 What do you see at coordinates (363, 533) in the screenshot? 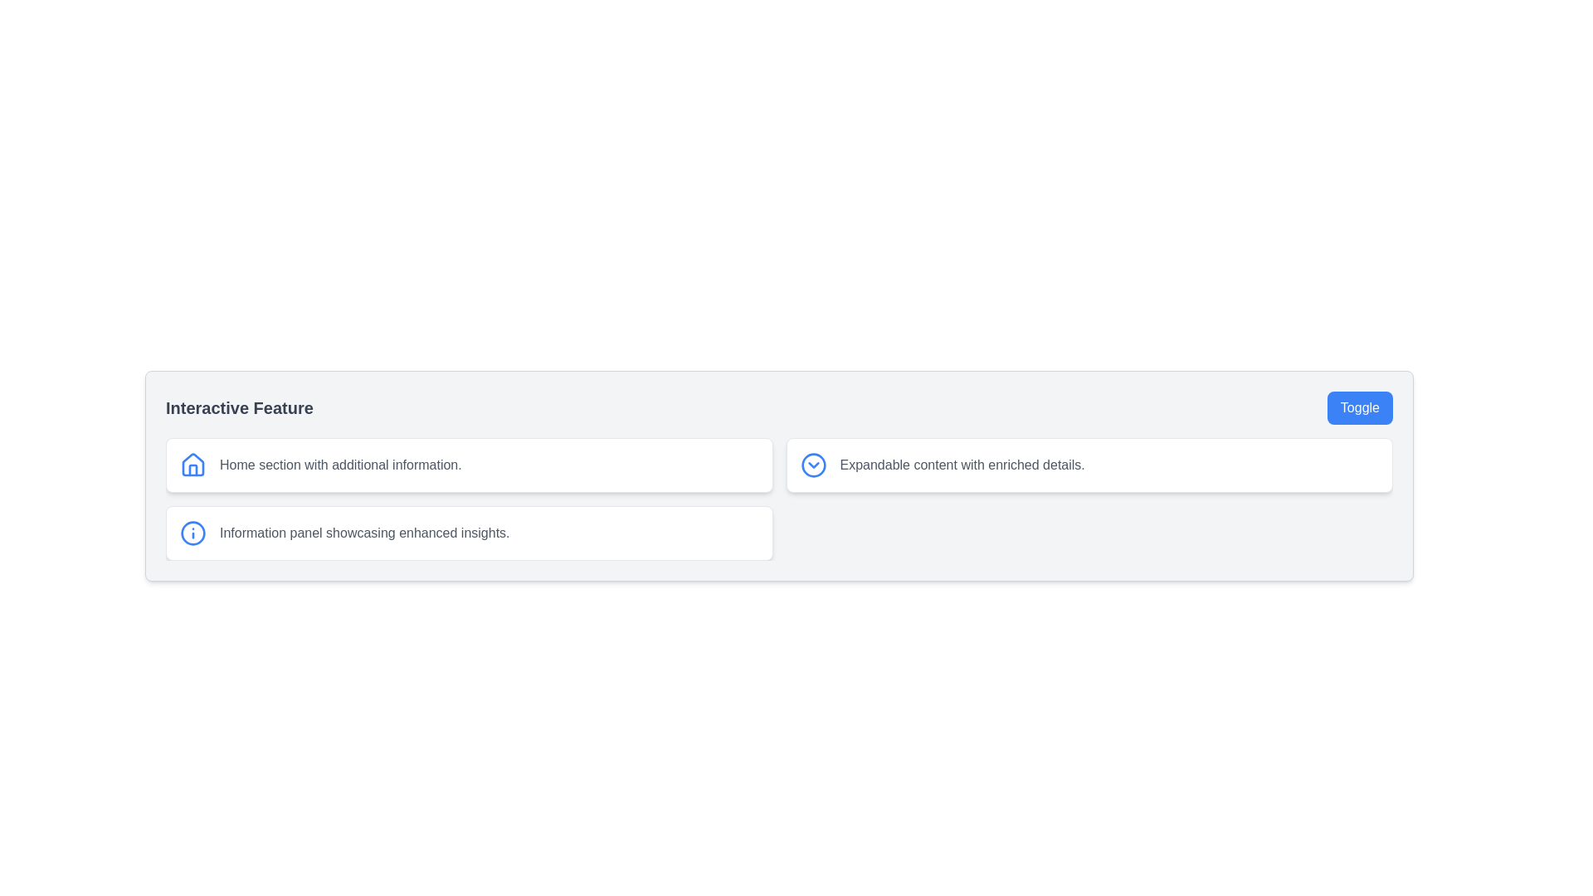
I see `the text label that provides descriptive context within the card-like panel located in the lower-left section of the interface, adjacent to the information icon` at bounding box center [363, 533].